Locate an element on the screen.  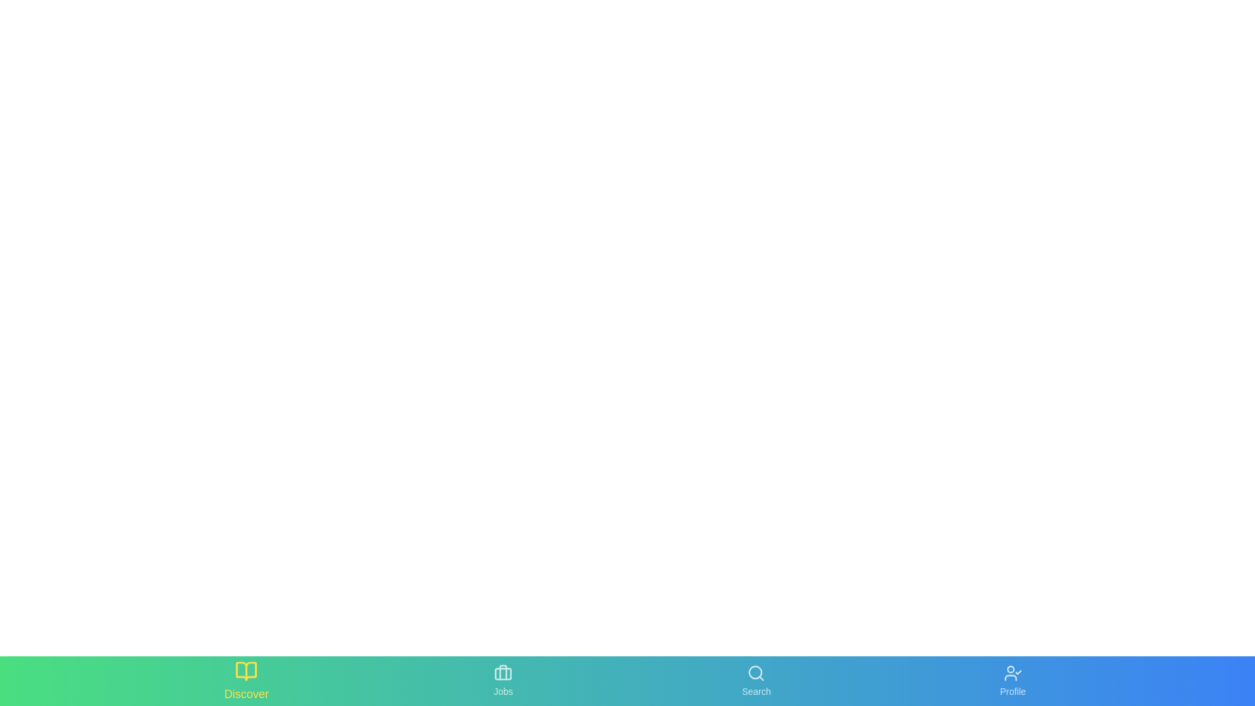
'Jobs' button to activate the 'Jobs' section is located at coordinates (502, 680).